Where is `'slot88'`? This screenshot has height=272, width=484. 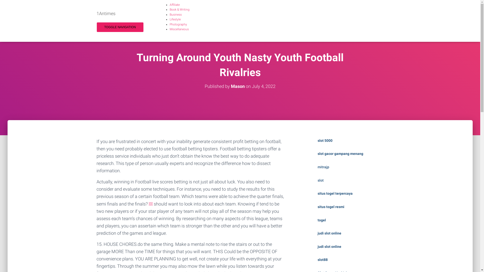 'slot88' is located at coordinates (317, 259).